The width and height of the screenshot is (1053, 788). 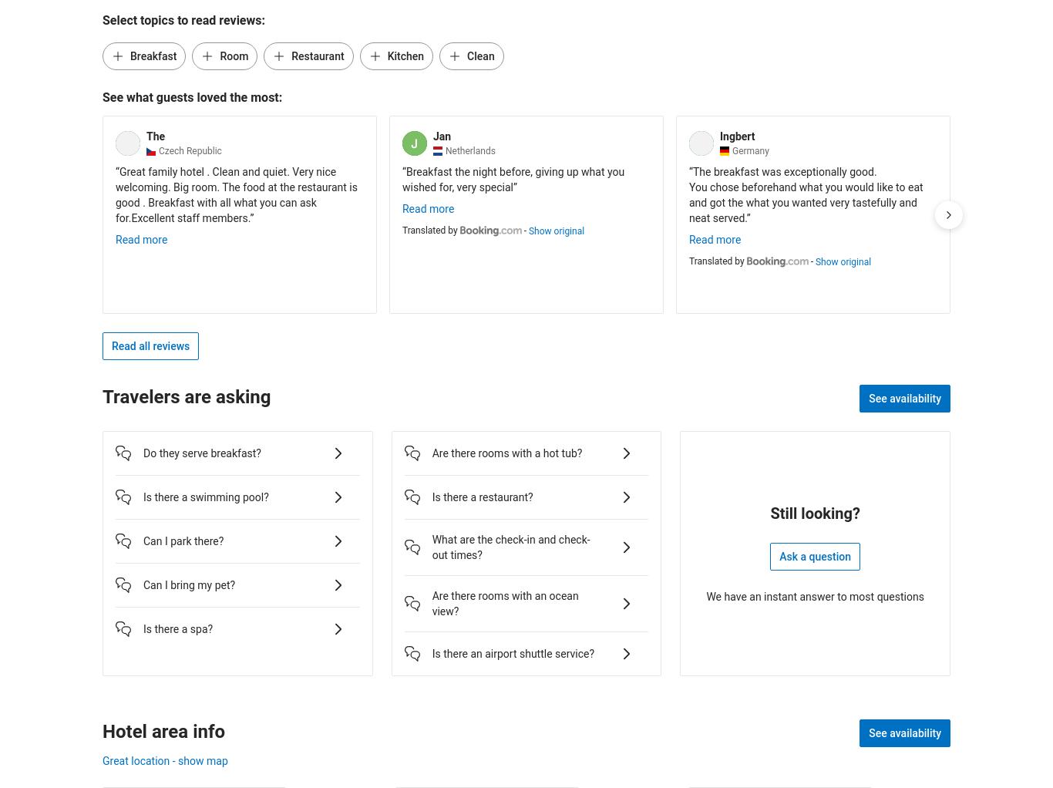 What do you see at coordinates (432, 603) in the screenshot?
I see `'Are there rooms with an ocean view?'` at bounding box center [432, 603].